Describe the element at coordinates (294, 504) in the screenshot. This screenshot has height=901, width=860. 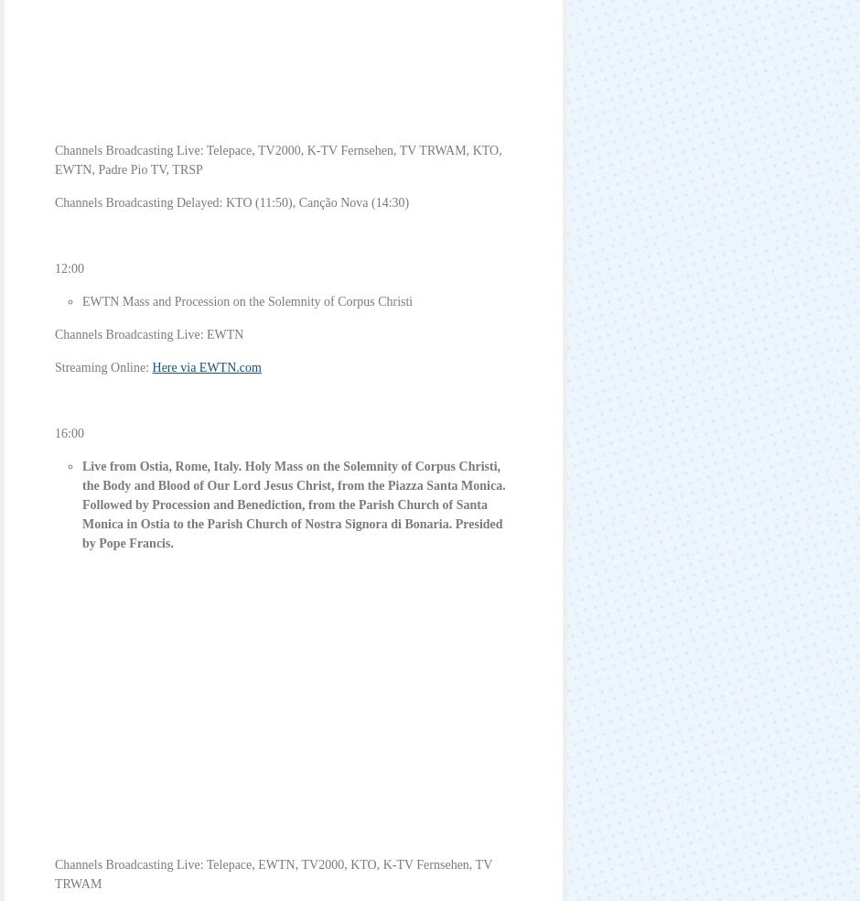
I see `'Live from Ostia, Rome, Italy. Holy Mass on the Solemnity of Corpus Christi, the Body and Blood of Our Lord Jesus Christ, from the Piazza Santa Monica. Followed by Procession and Benediction, from the Parish Church of Santa Monica in Ostia to the Parish Church of Nostra Signora di Bonaria. Presided by Pope Francis.'` at that location.